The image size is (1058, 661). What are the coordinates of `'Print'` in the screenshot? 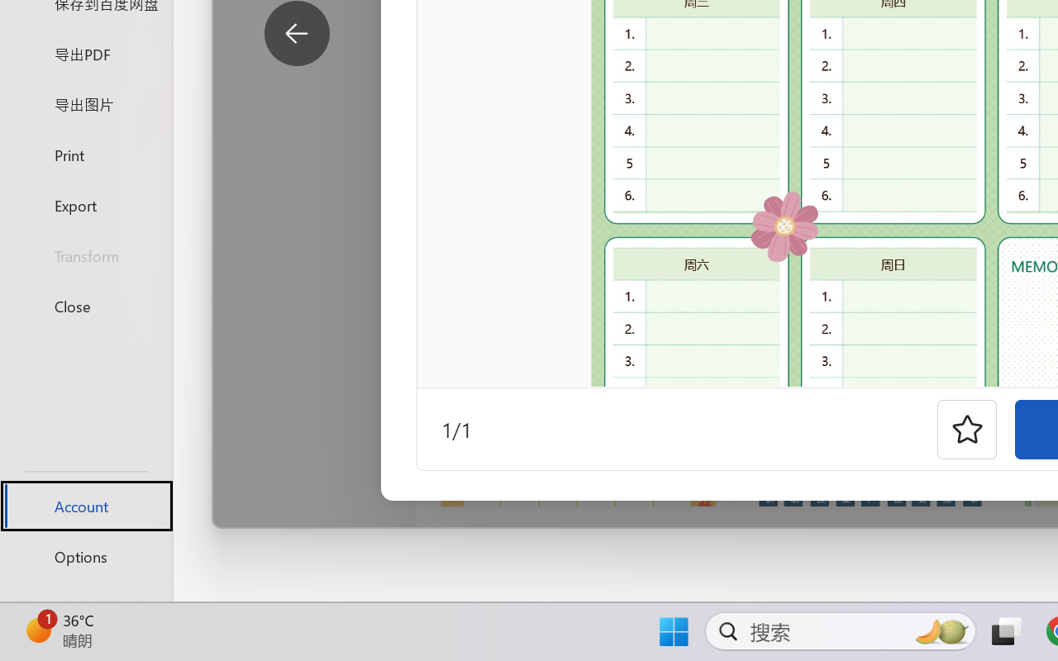 It's located at (85, 154).